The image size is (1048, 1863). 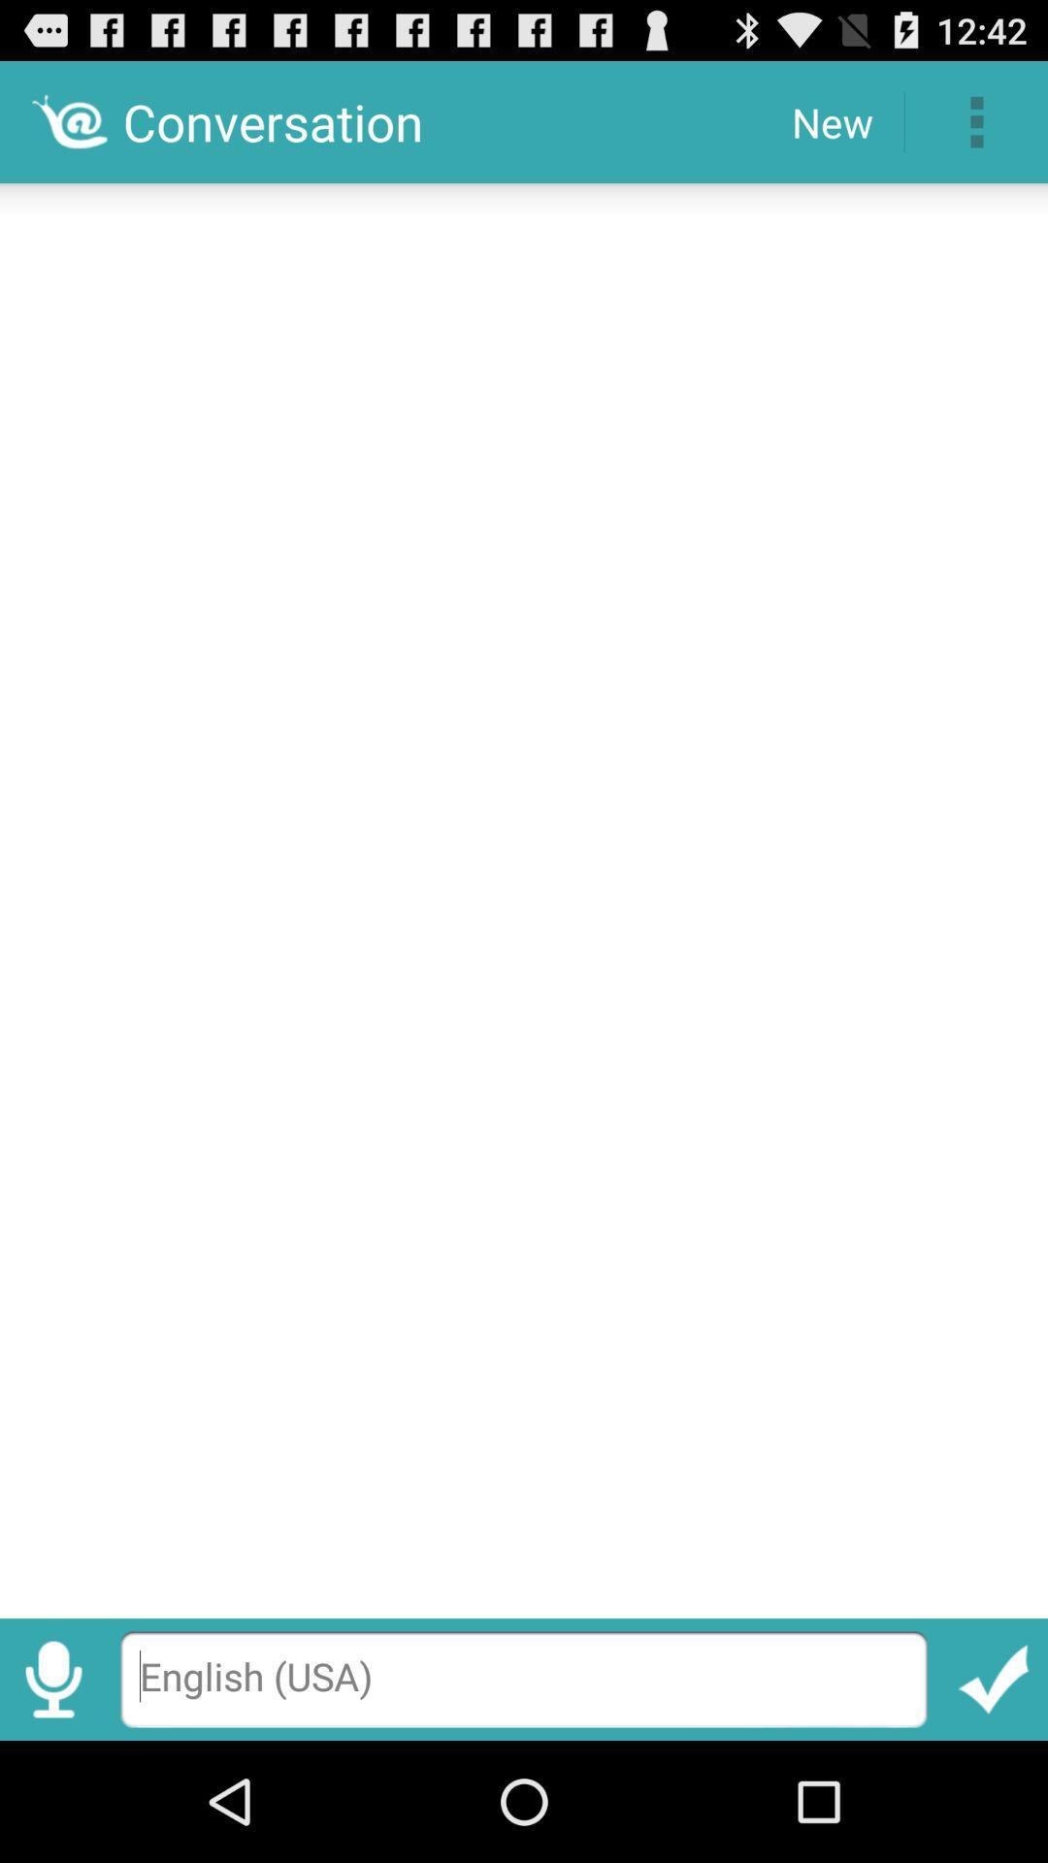 What do you see at coordinates (524, 893) in the screenshot?
I see `input text` at bounding box center [524, 893].